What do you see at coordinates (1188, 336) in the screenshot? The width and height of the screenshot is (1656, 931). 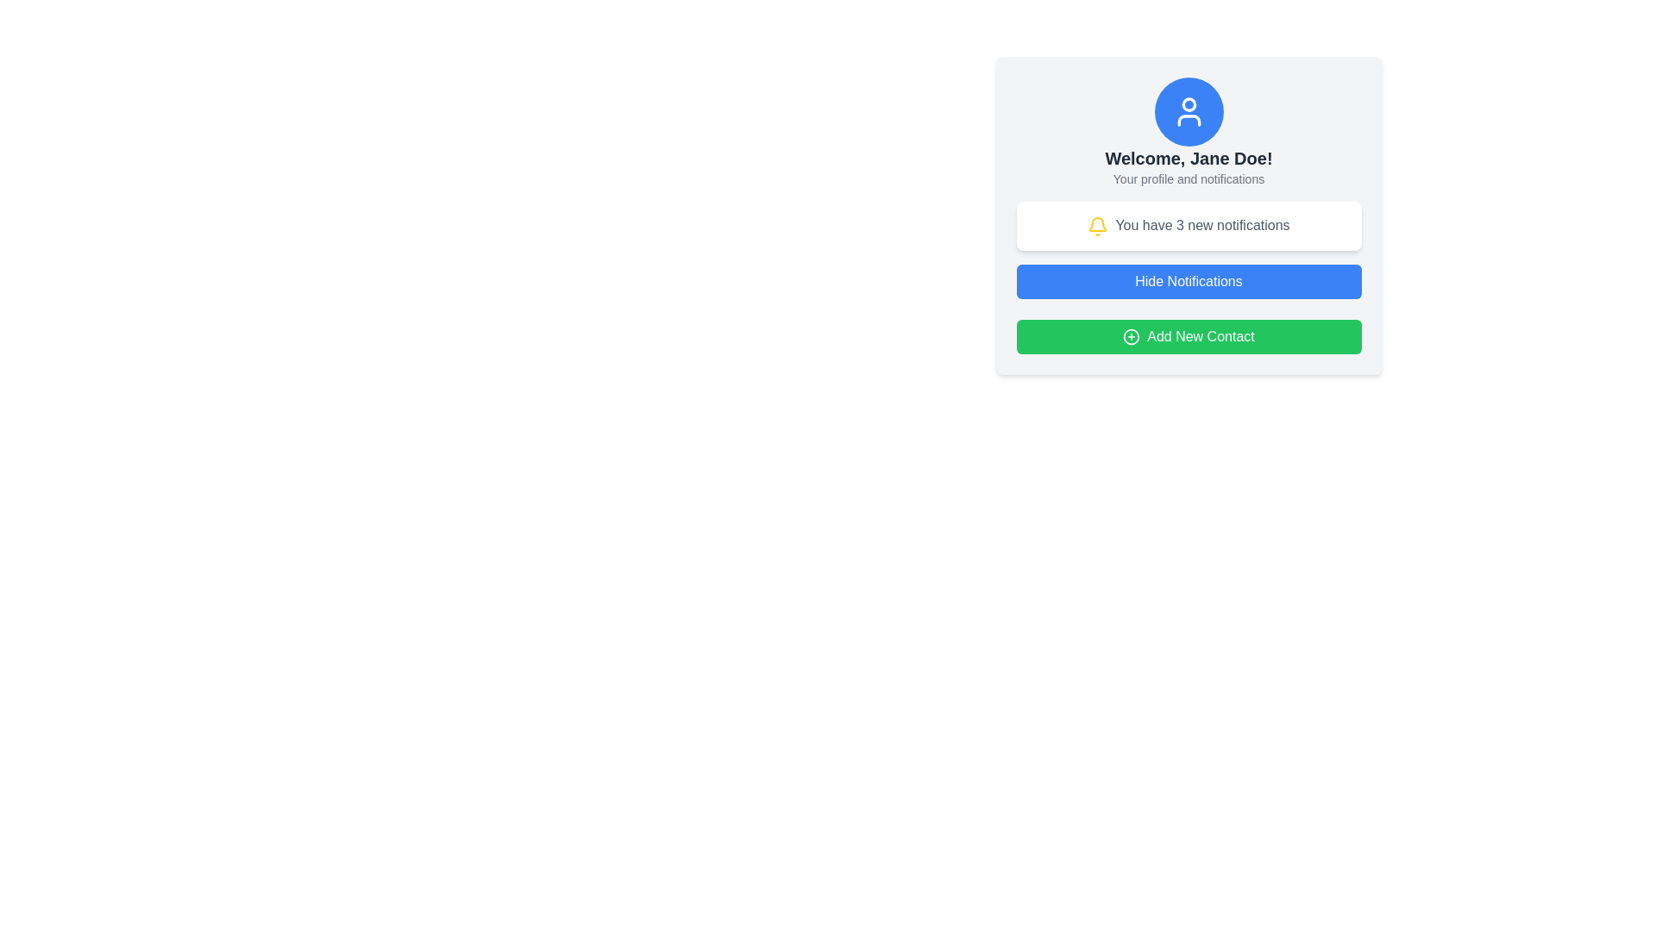 I see `the 'Add Contact' button, which is the fourth interactive item in the vertically stacked layout, located directly below the 'Hide Notifications' button` at bounding box center [1188, 336].